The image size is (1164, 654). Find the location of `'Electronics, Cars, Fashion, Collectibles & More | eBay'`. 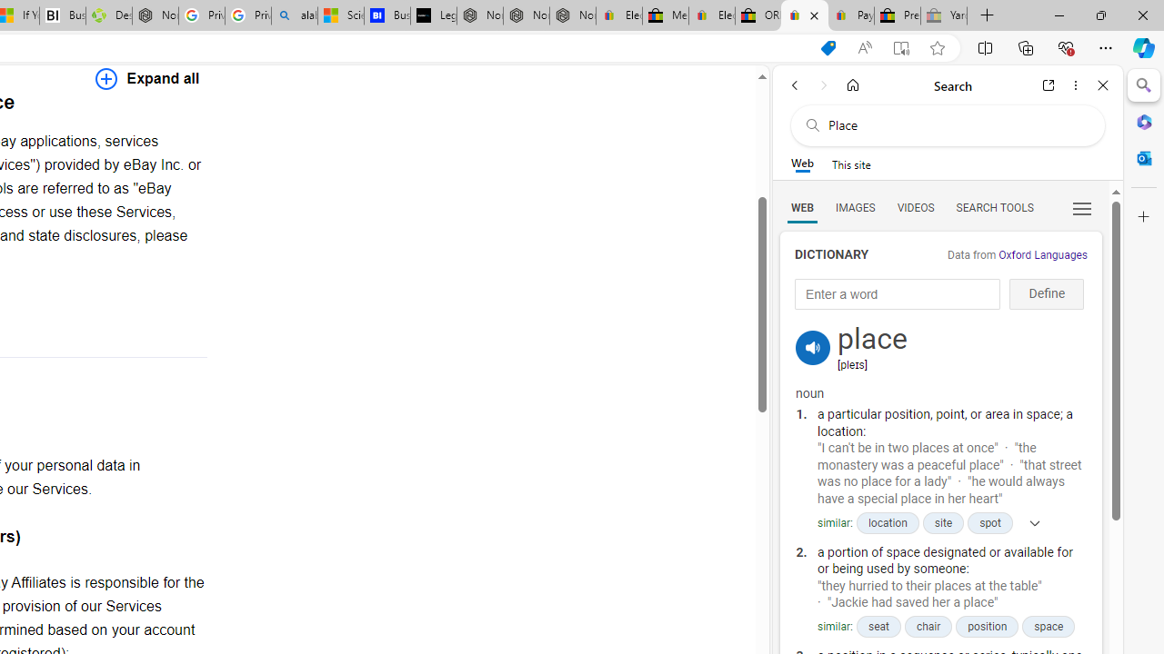

'Electronics, Cars, Fashion, Collectibles & More | eBay' is located at coordinates (710, 15).